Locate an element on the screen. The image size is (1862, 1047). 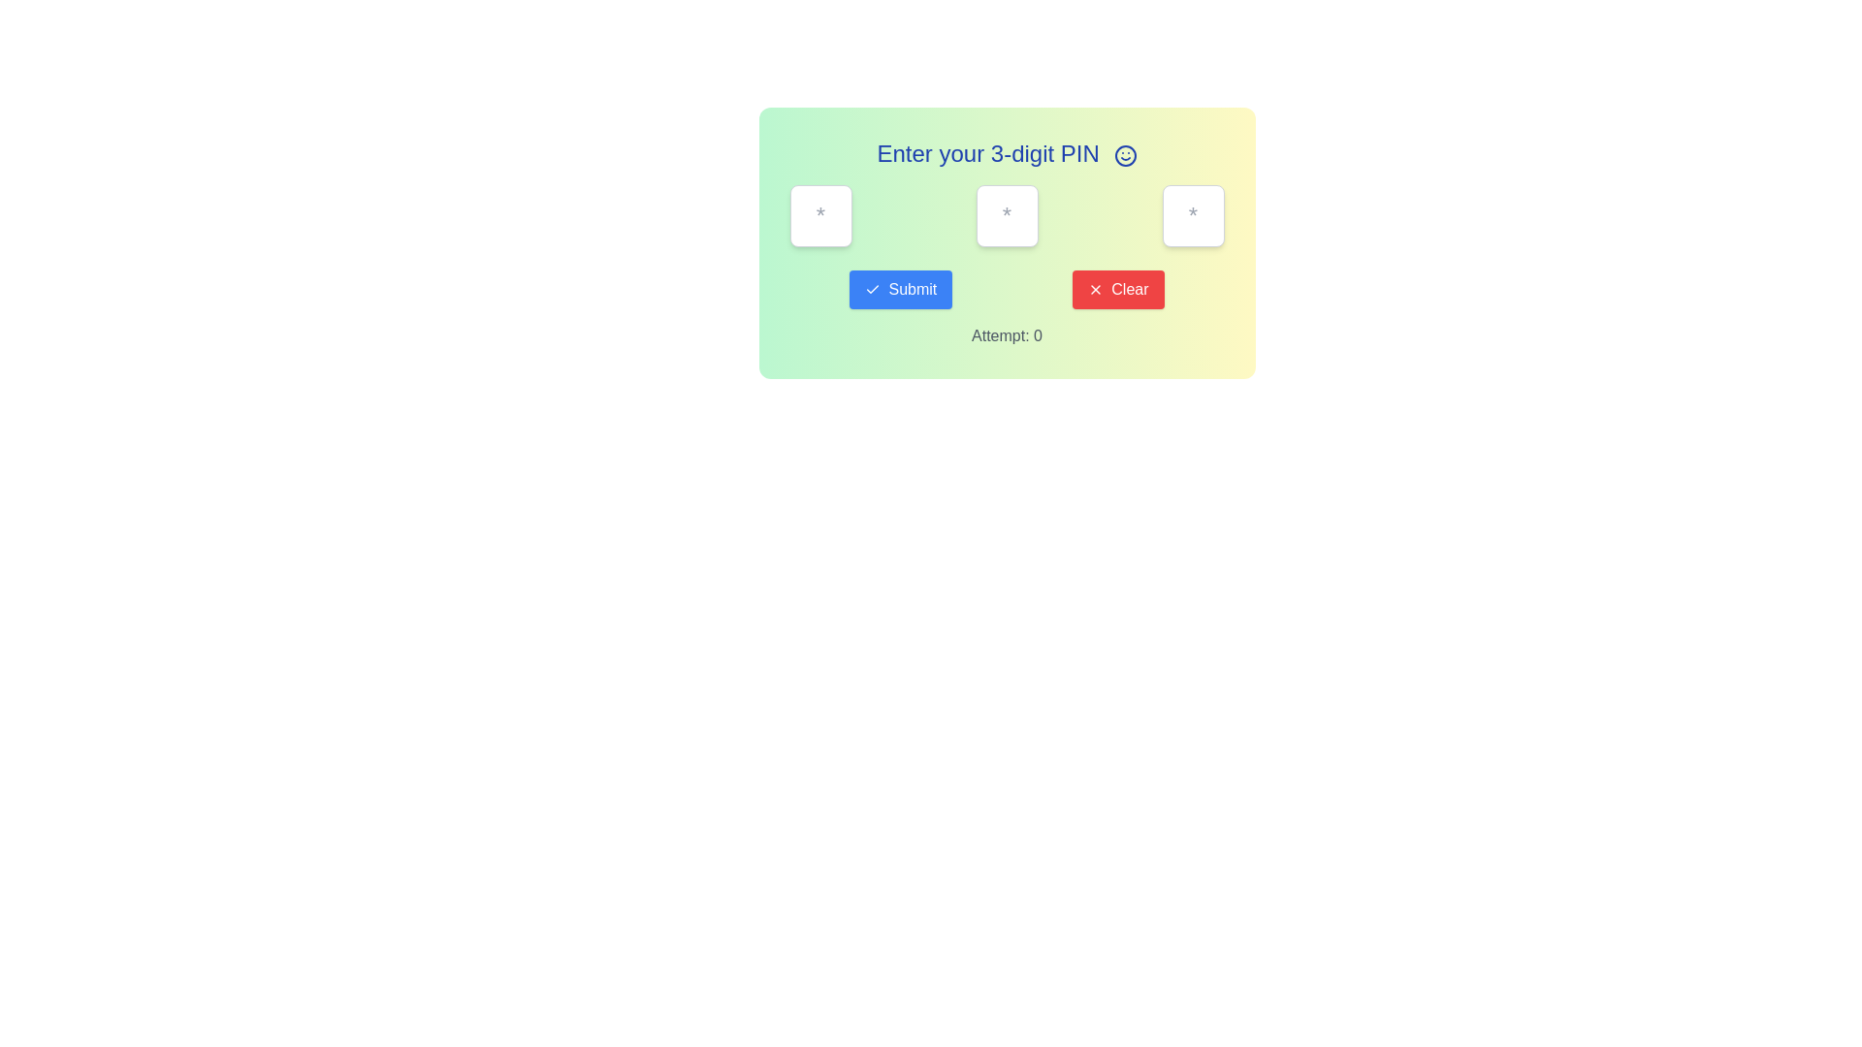
the rectangular button with a red background labeled 'Clear' to trigger its hover effects is located at coordinates (1118, 290).